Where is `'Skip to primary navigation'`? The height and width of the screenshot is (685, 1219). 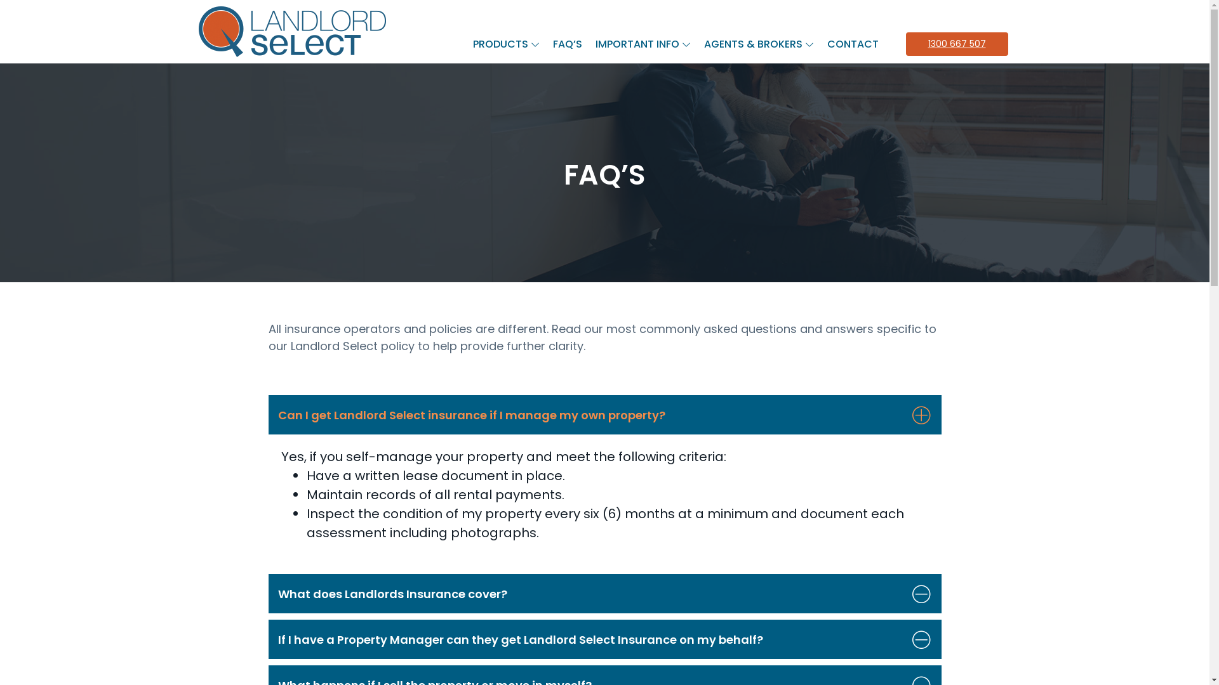 'Skip to primary navigation' is located at coordinates (0, 0).